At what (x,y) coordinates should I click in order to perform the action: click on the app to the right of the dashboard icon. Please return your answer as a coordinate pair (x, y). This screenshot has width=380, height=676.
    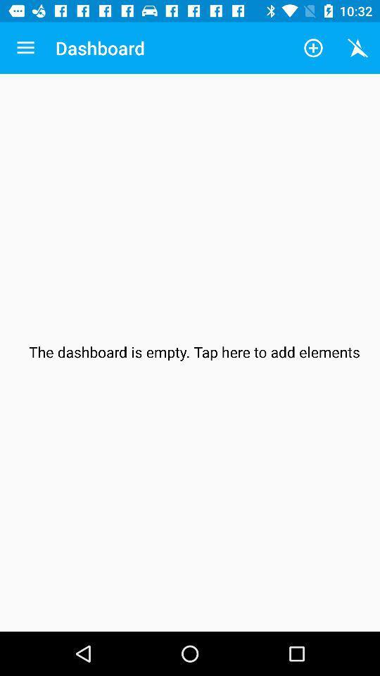
    Looking at the image, I should click on (313, 48).